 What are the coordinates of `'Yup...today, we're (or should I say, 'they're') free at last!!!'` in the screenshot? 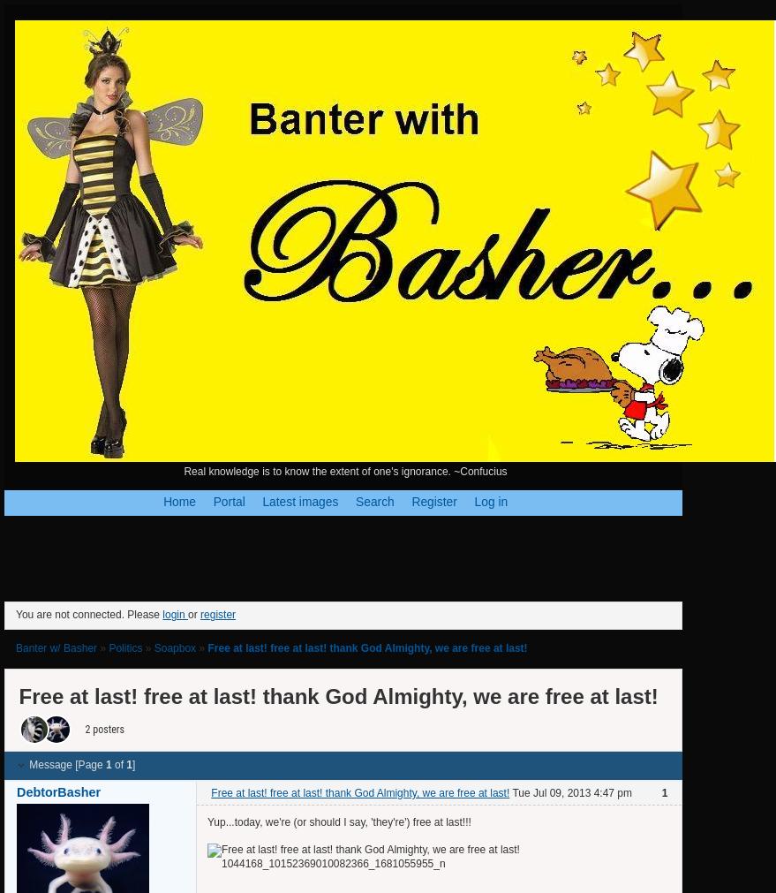 It's located at (339, 822).